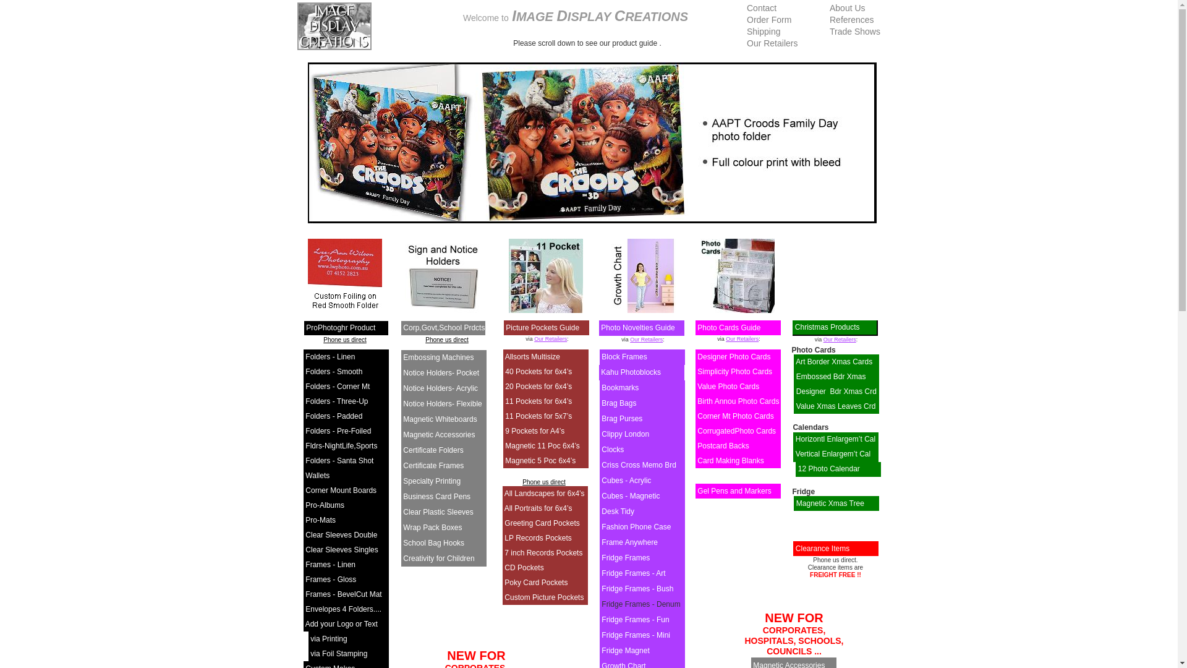 The height and width of the screenshot is (668, 1187). Describe the element at coordinates (761, 7) in the screenshot. I see `'Contact'` at that location.